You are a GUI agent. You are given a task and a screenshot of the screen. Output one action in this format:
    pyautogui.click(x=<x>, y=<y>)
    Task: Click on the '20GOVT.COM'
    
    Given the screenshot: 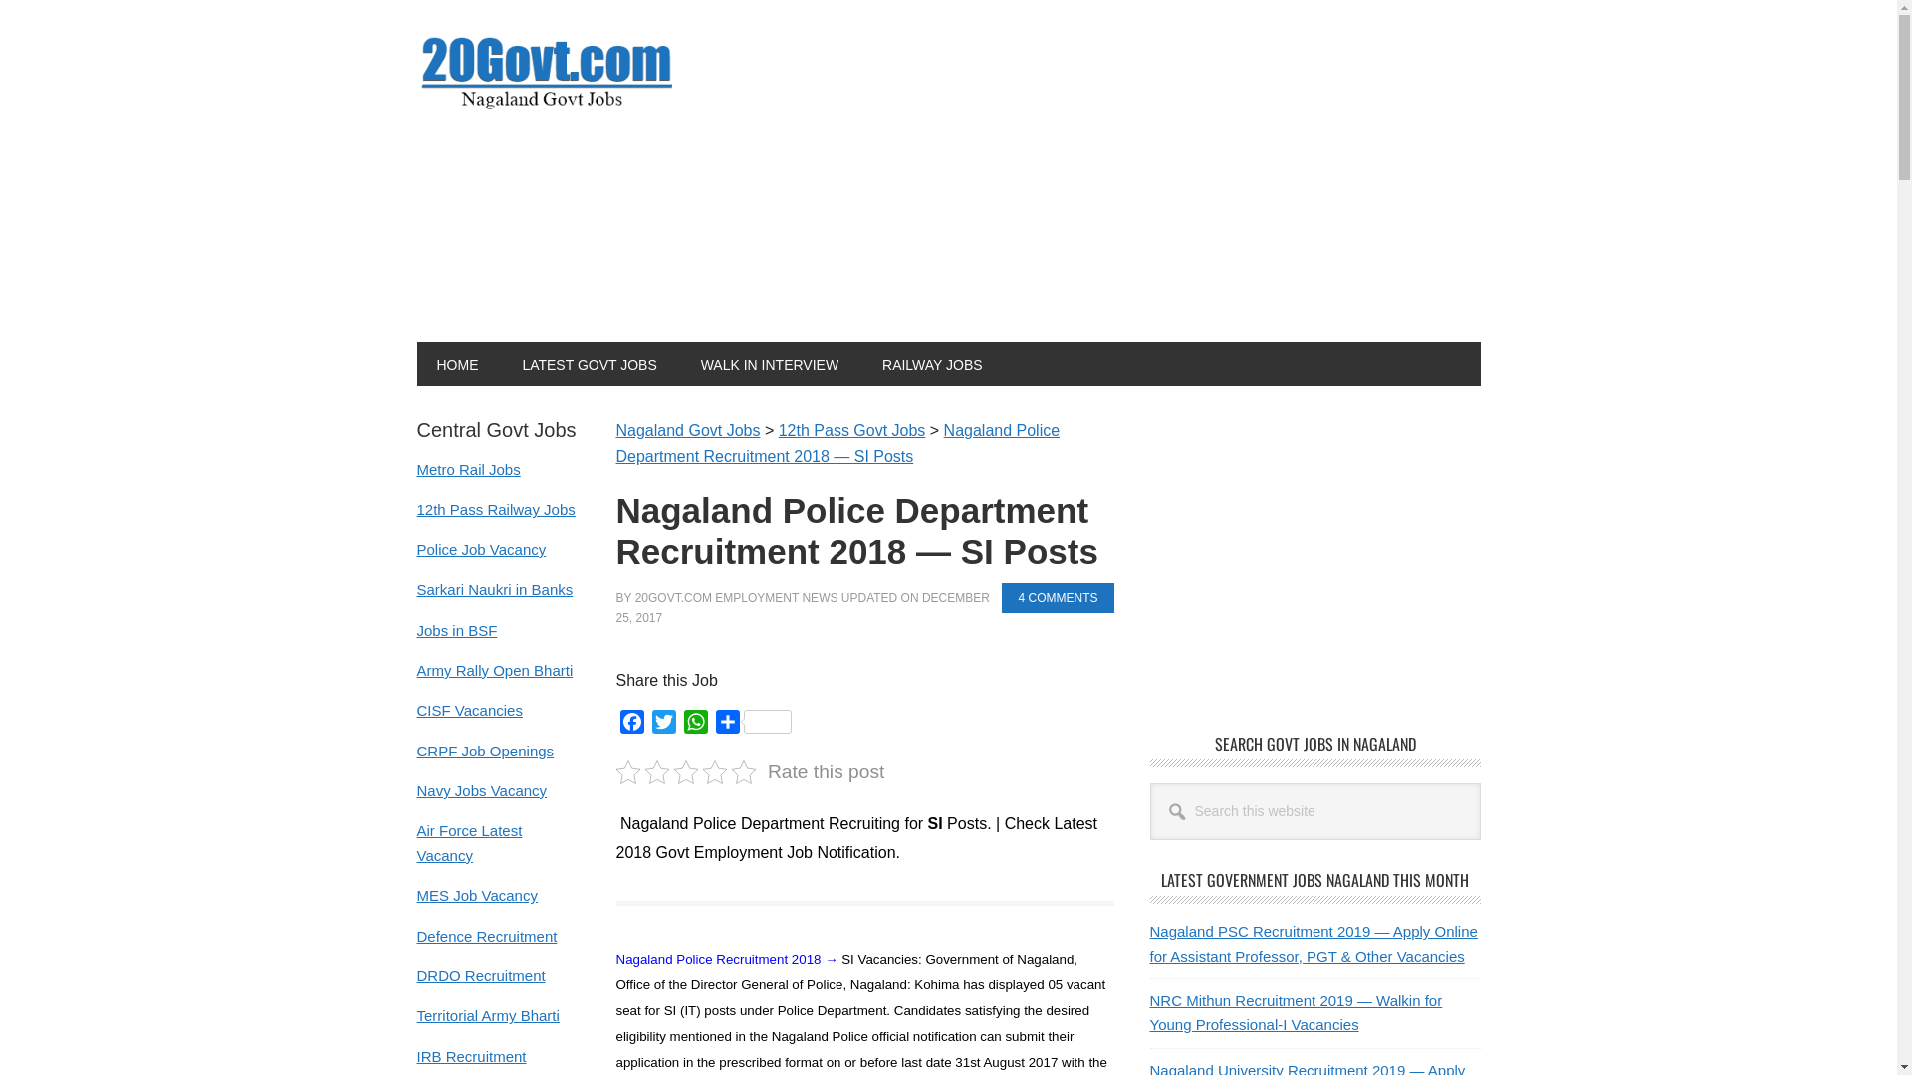 What is the action you would take?
    pyautogui.click(x=673, y=597)
    